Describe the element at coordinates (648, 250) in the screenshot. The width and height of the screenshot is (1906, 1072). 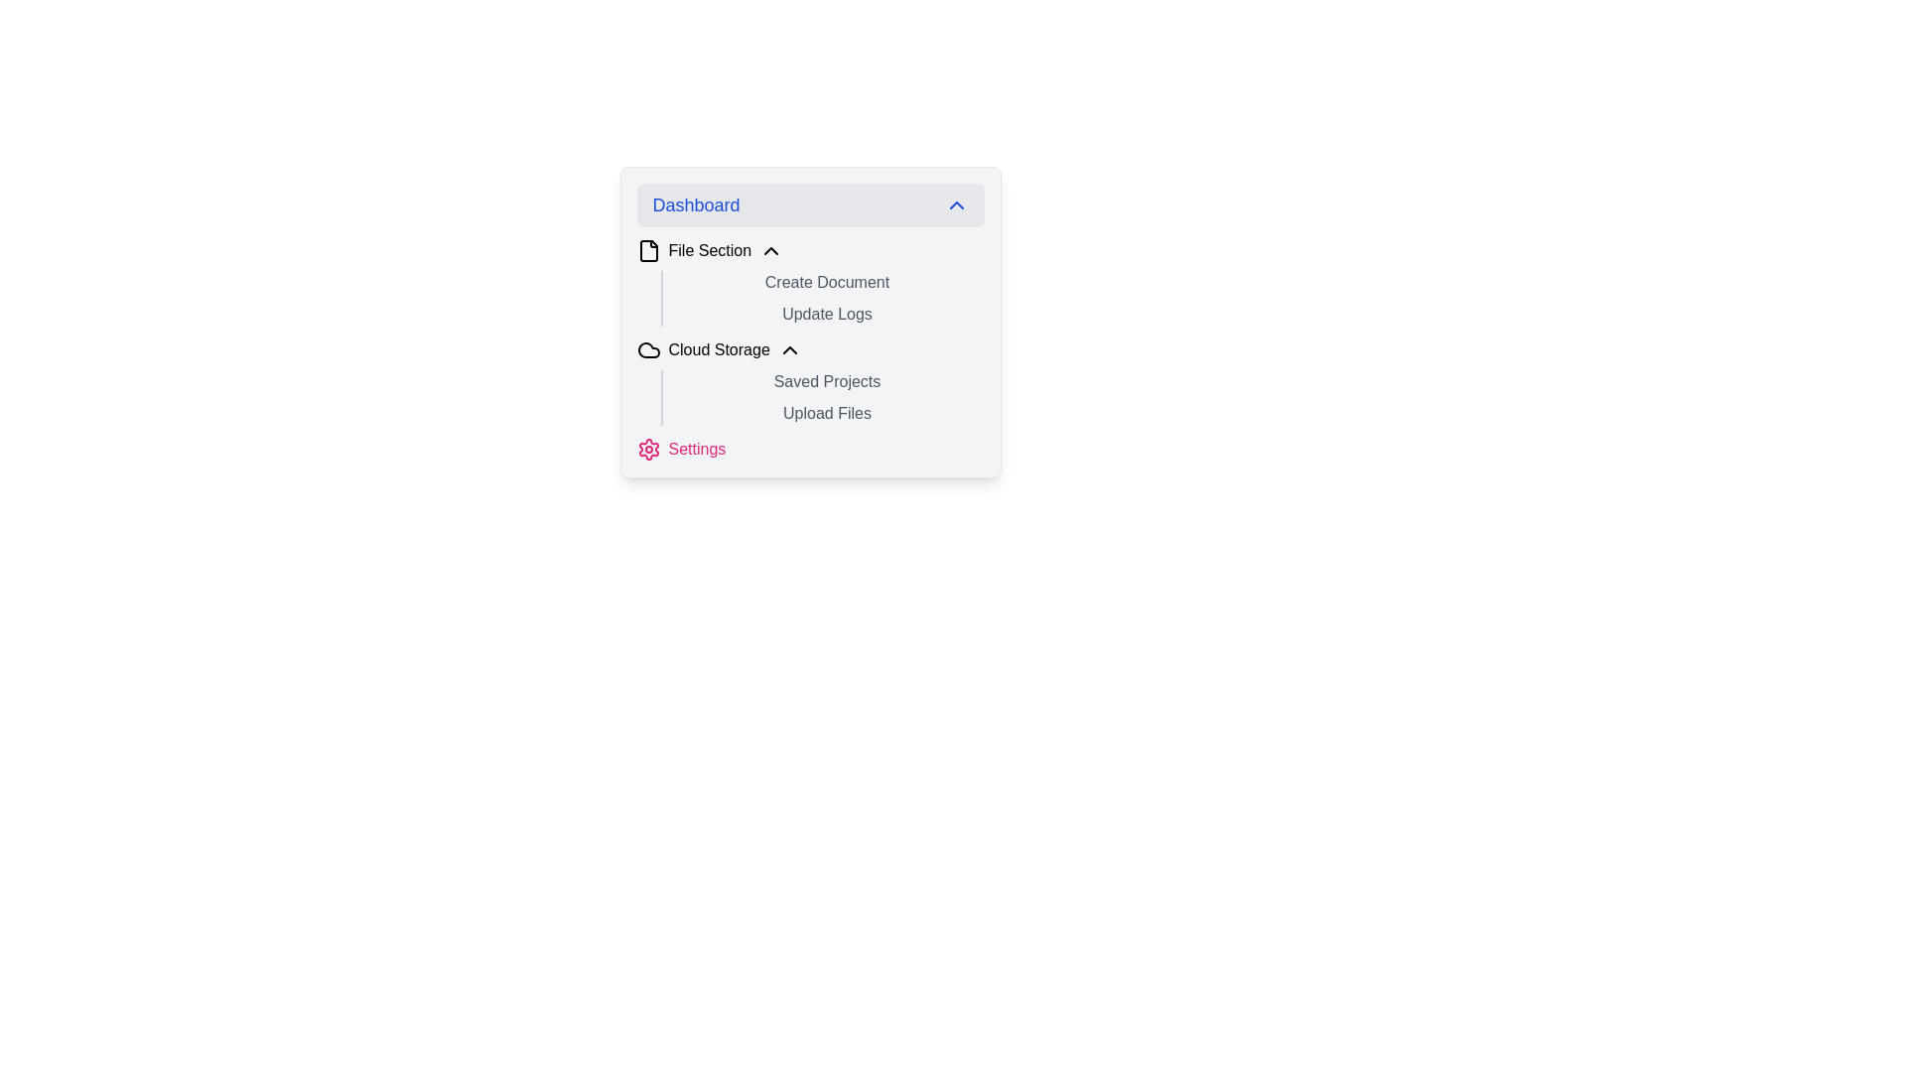
I see `the document icon located to the left of the 'File Section' text in the dropdown panel under the 'Dashboard' header` at that location.